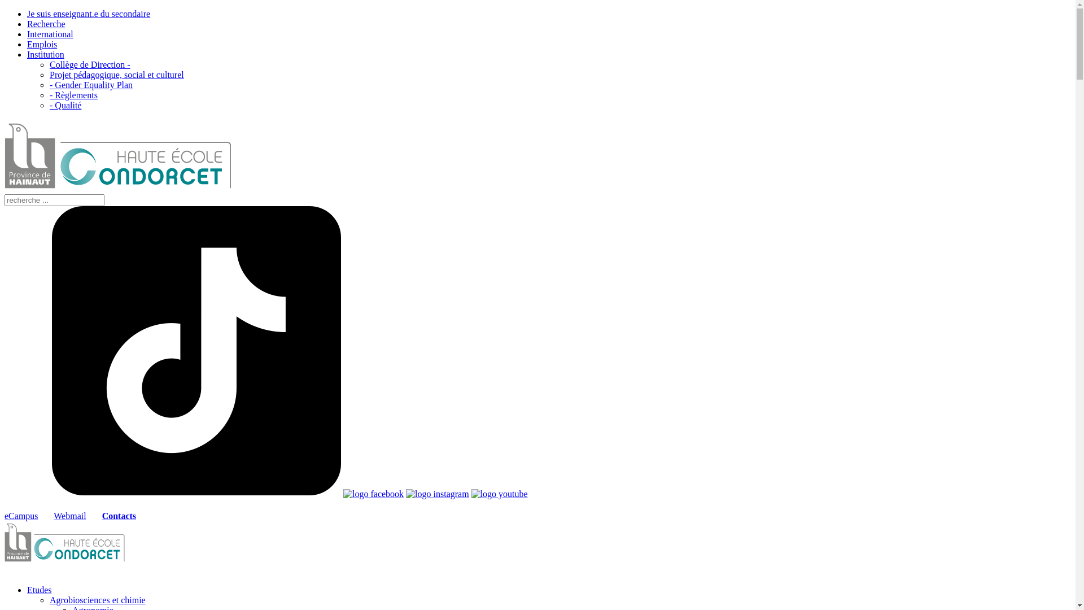 The width and height of the screenshot is (1084, 610). I want to click on 'eCampus', so click(21, 516).